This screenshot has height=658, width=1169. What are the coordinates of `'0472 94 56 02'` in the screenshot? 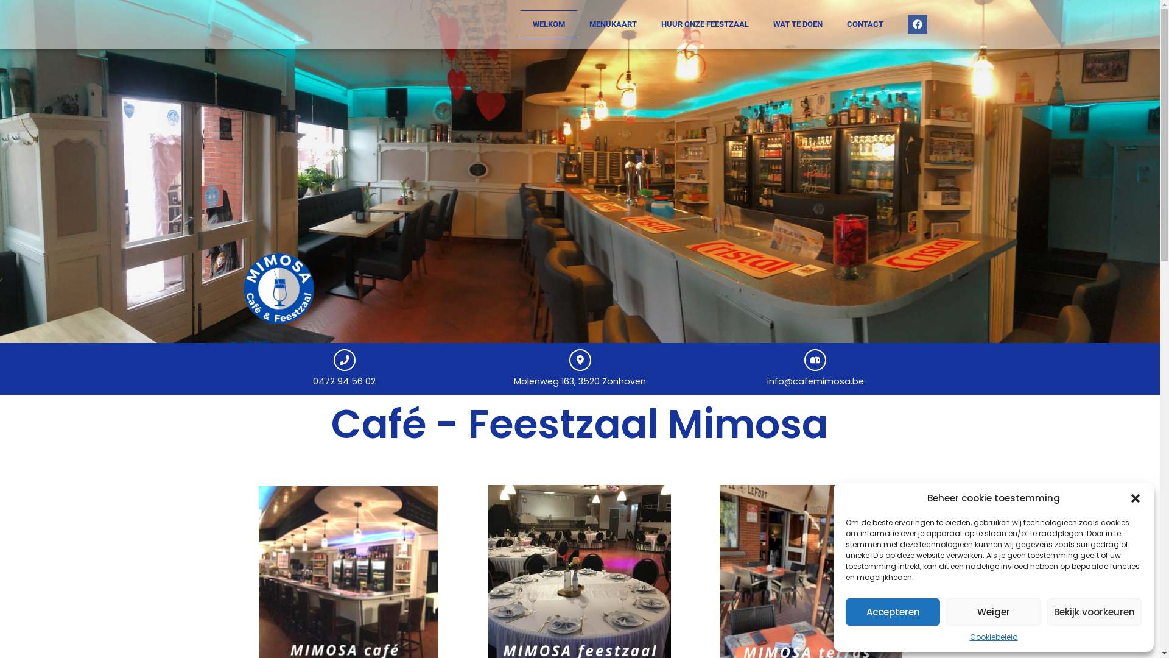 It's located at (343, 380).